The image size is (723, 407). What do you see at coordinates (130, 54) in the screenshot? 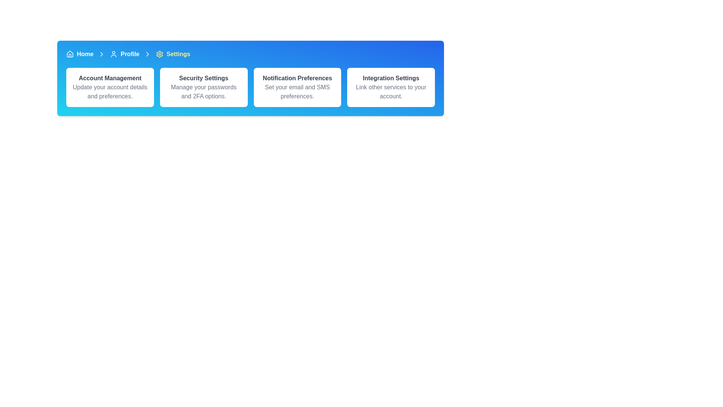
I see `the 'Profile' hyperlink in the breadcrumb navigation bar` at bounding box center [130, 54].